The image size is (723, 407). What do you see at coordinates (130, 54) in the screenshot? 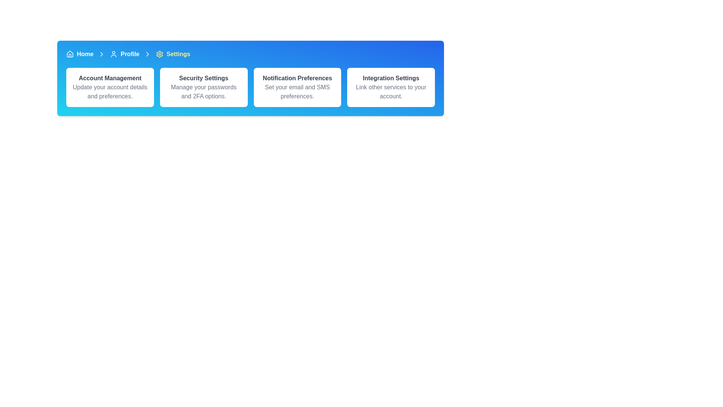
I see `the 'Profile' hyperlink in the breadcrumb navigation bar` at bounding box center [130, 54].